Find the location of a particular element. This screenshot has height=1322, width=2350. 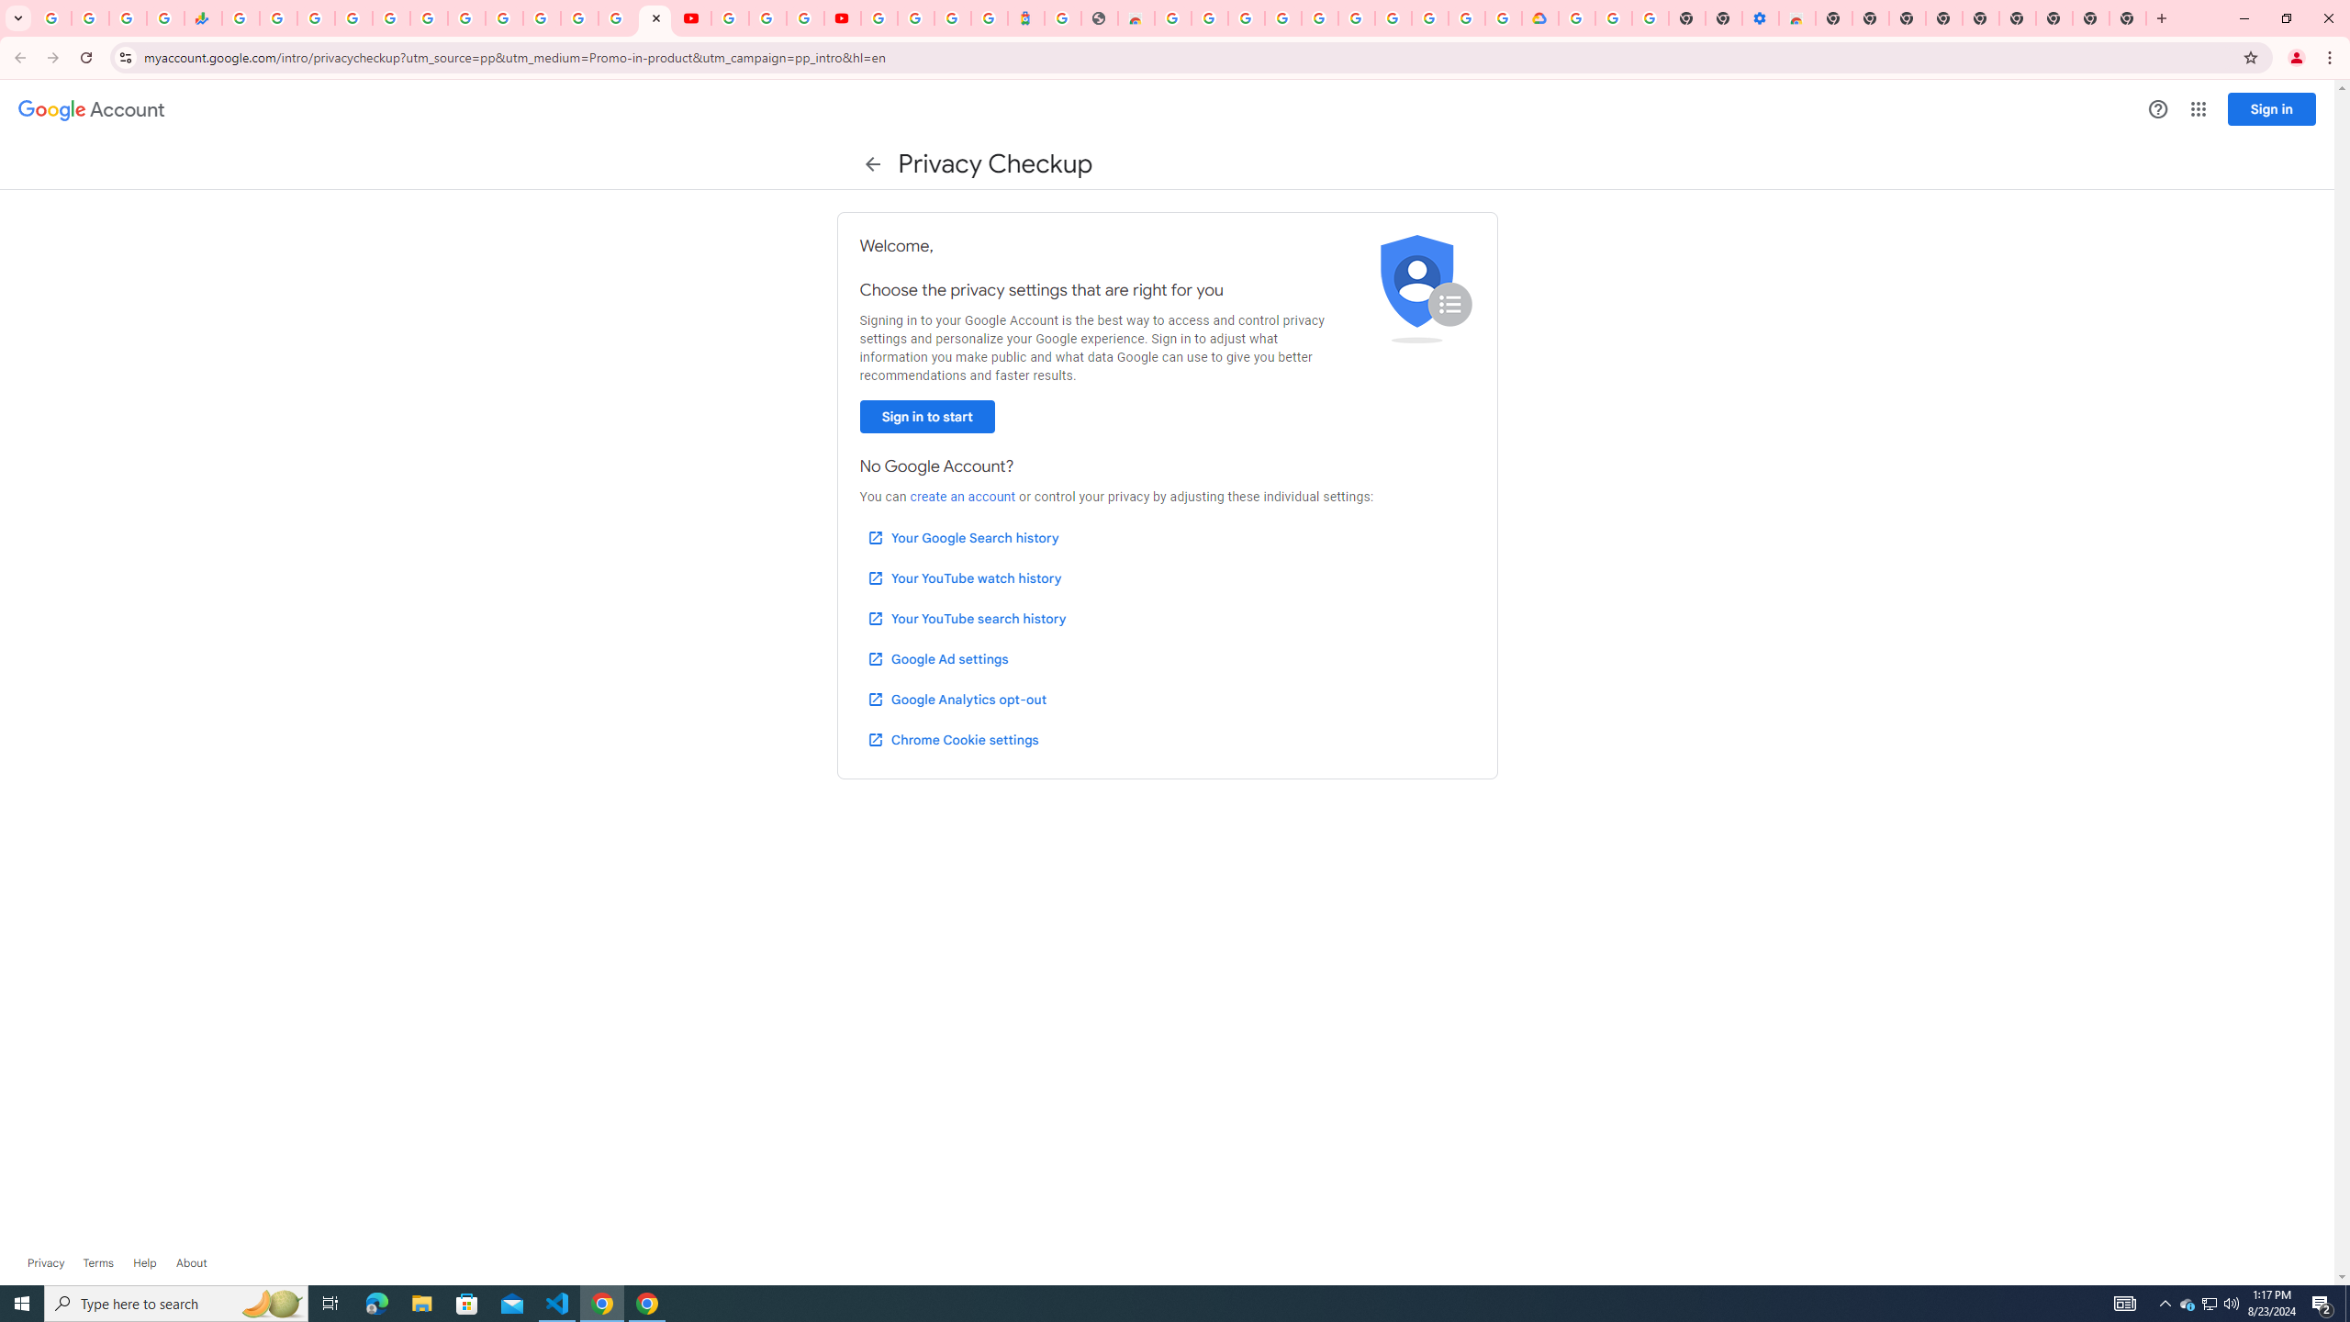

'Google Workspace Admin Community' is located at coordinates (52, 17).